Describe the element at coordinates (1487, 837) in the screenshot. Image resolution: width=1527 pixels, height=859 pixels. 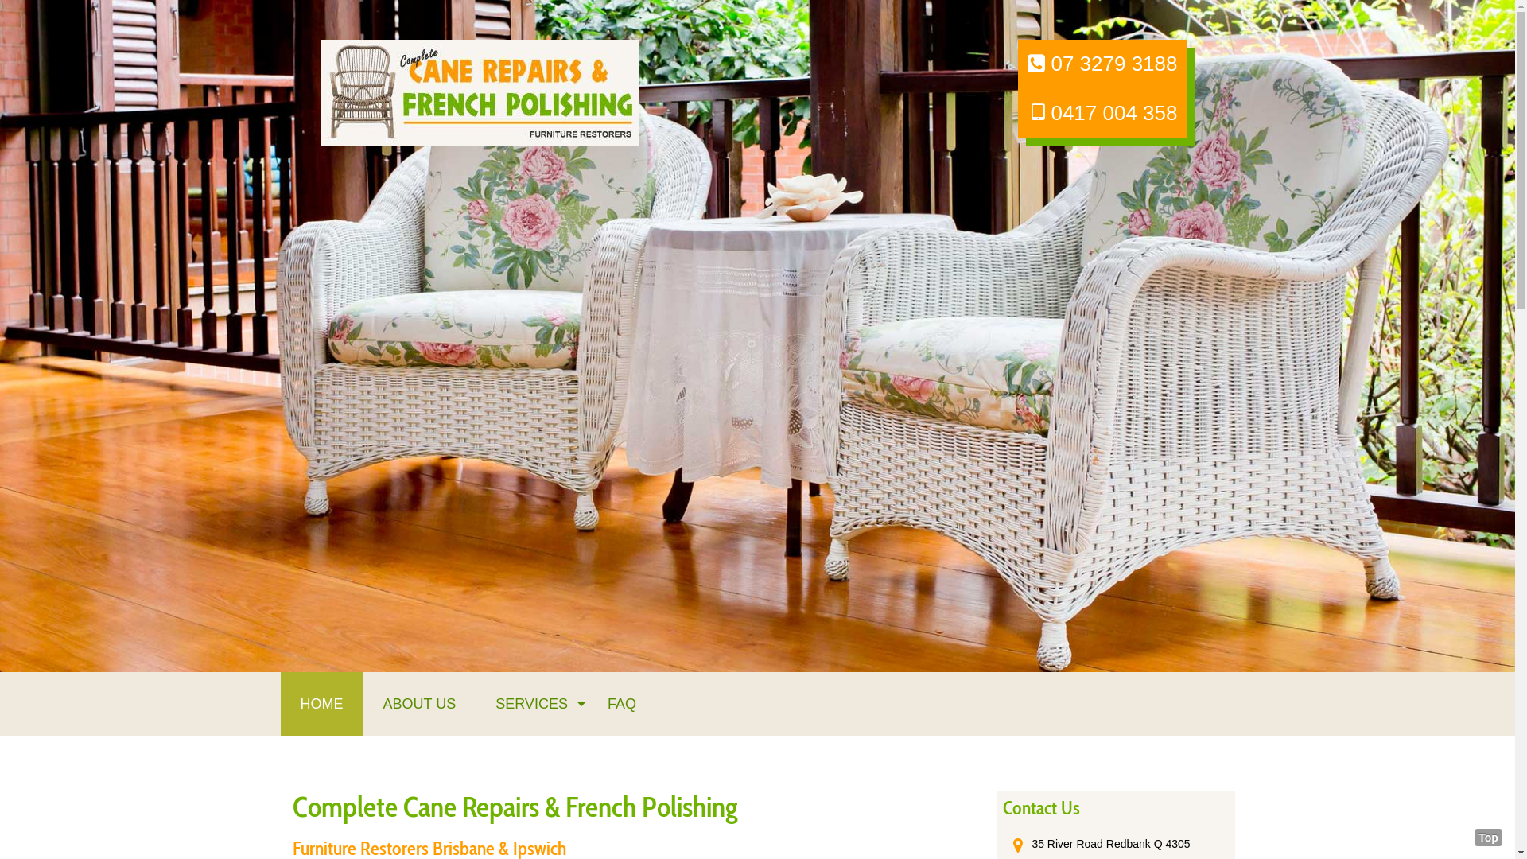
I see `'Top'` at that location.